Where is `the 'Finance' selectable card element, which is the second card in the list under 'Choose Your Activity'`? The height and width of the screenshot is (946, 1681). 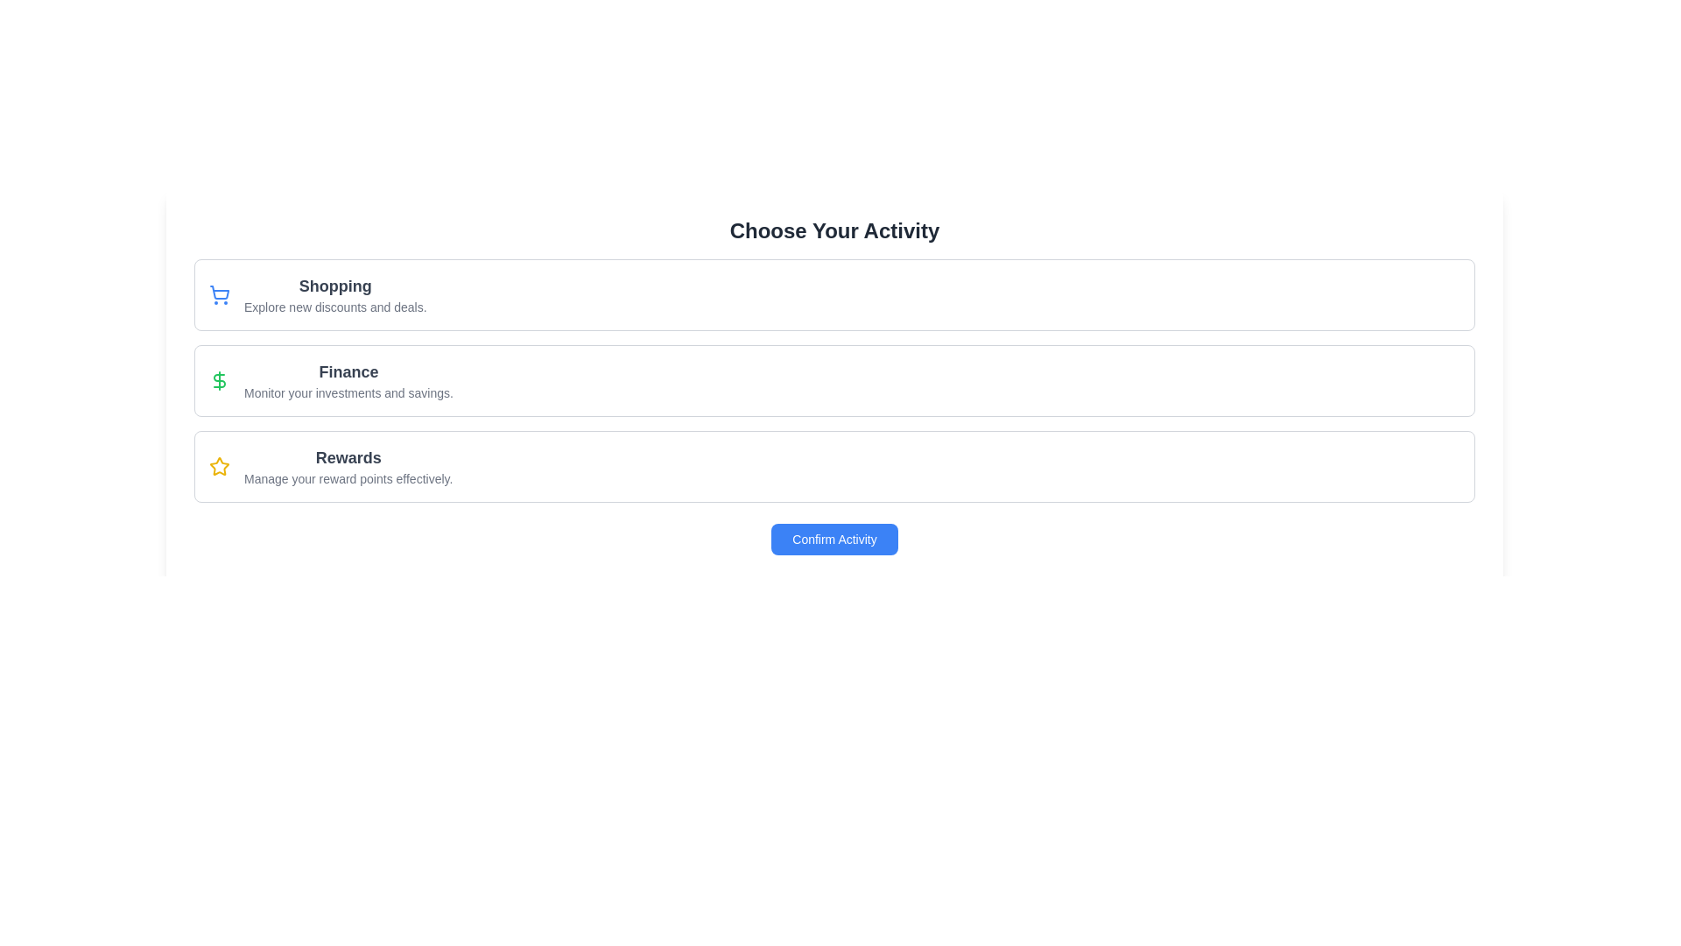 the 'Finance' selectable card element, which is the second card in the list under 'Choose Your Activity' is located at coordinates (833, 380).